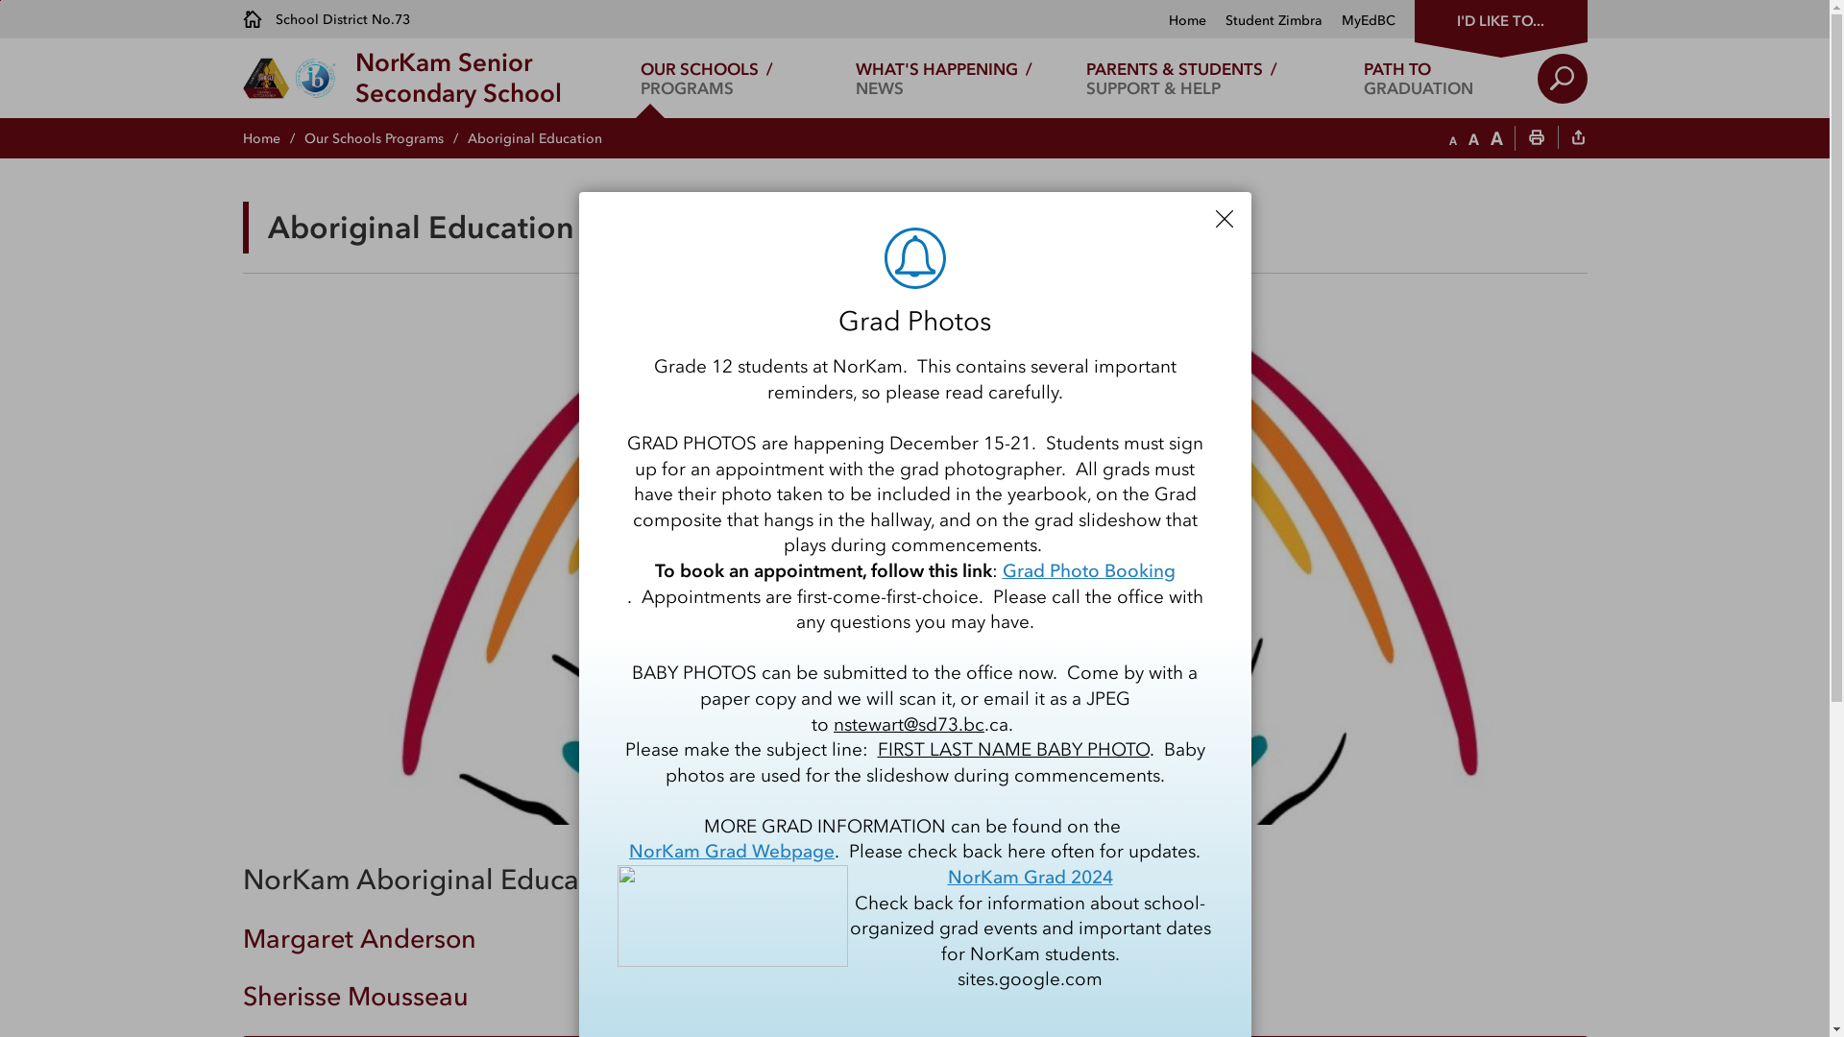 The height and width of the screenshot is (1037, 1844). What do you see at coordinates (1498, 18) in the screenshot?
I see `'I'D LIKE TO...'` at bounding box center [1498, 18].